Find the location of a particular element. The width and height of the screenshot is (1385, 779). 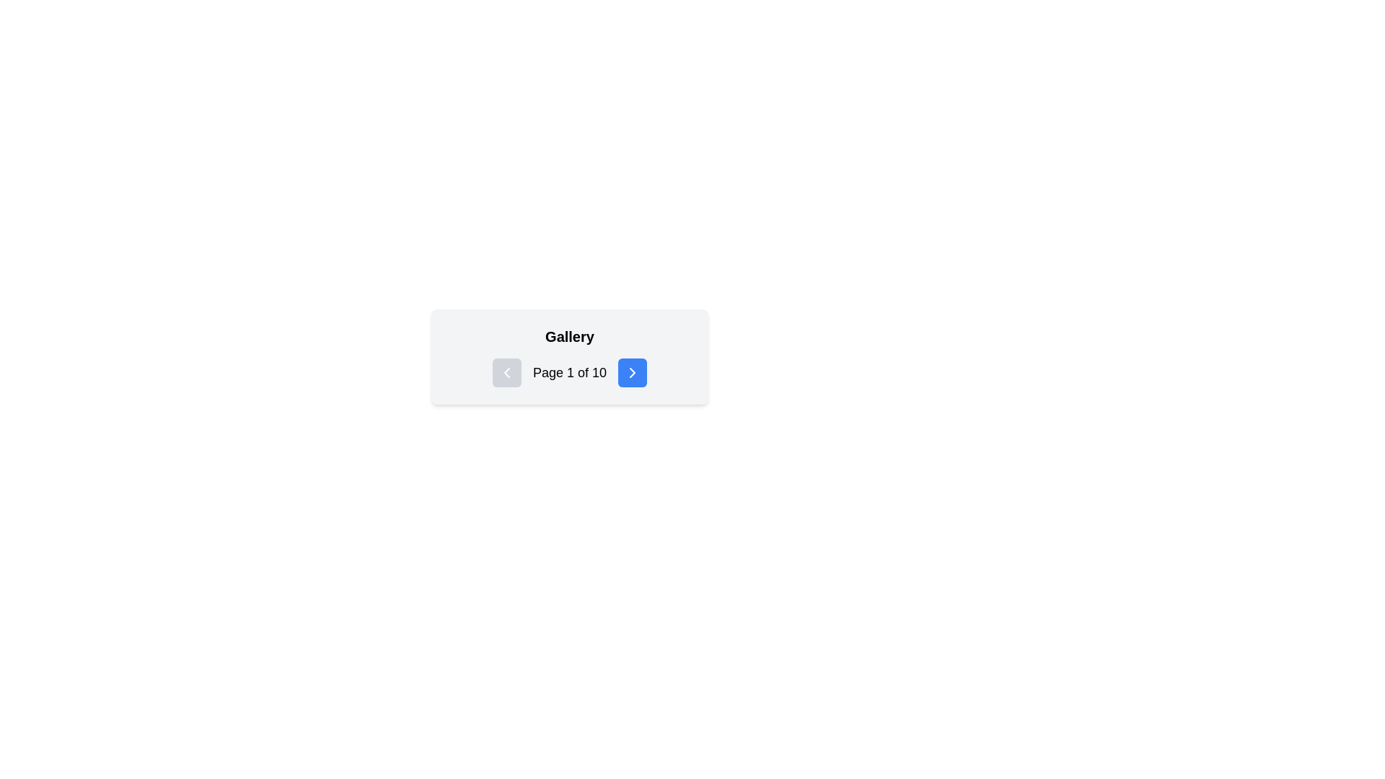

the pagination information text label located in the middle of the display, between the grey previous button and the blue next button is located at coordinates (569, 371).